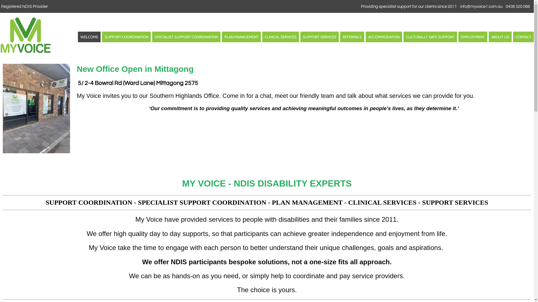 This screenshot has height=302, width=538. I want to click on 'EMPLOYMENT', so click(472, 37).